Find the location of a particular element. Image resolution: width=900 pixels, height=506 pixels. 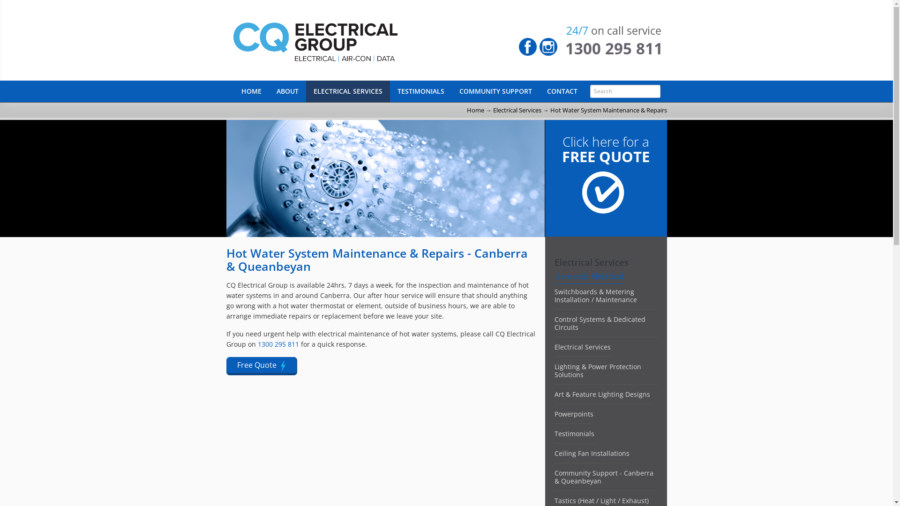

'Powerpoints' is located at coordinates (573, 413).